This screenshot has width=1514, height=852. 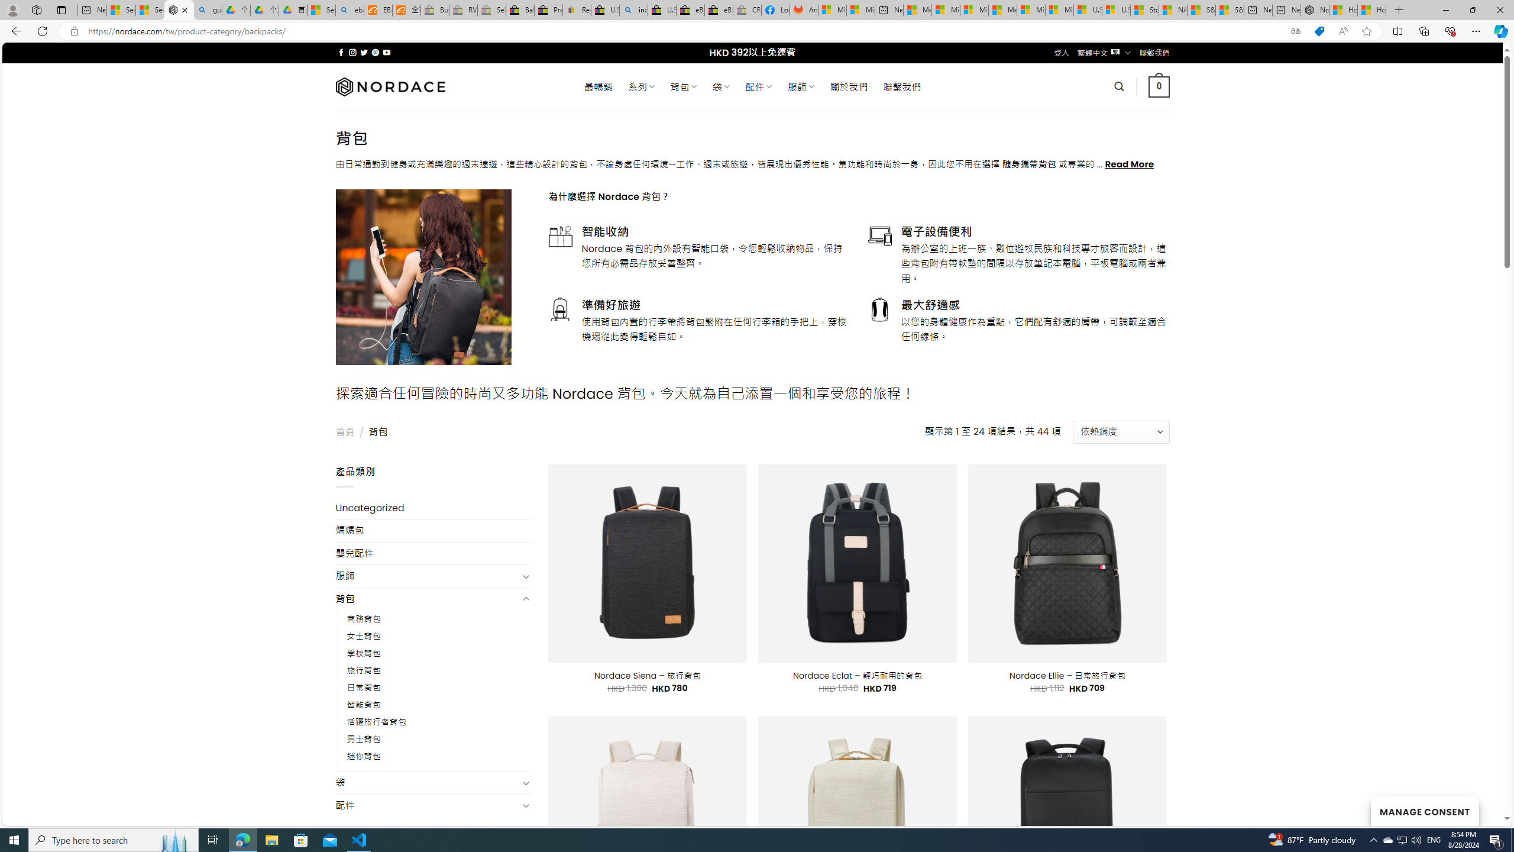 I want to click on 'Follow on Facebook', so click(x=341, y=52).